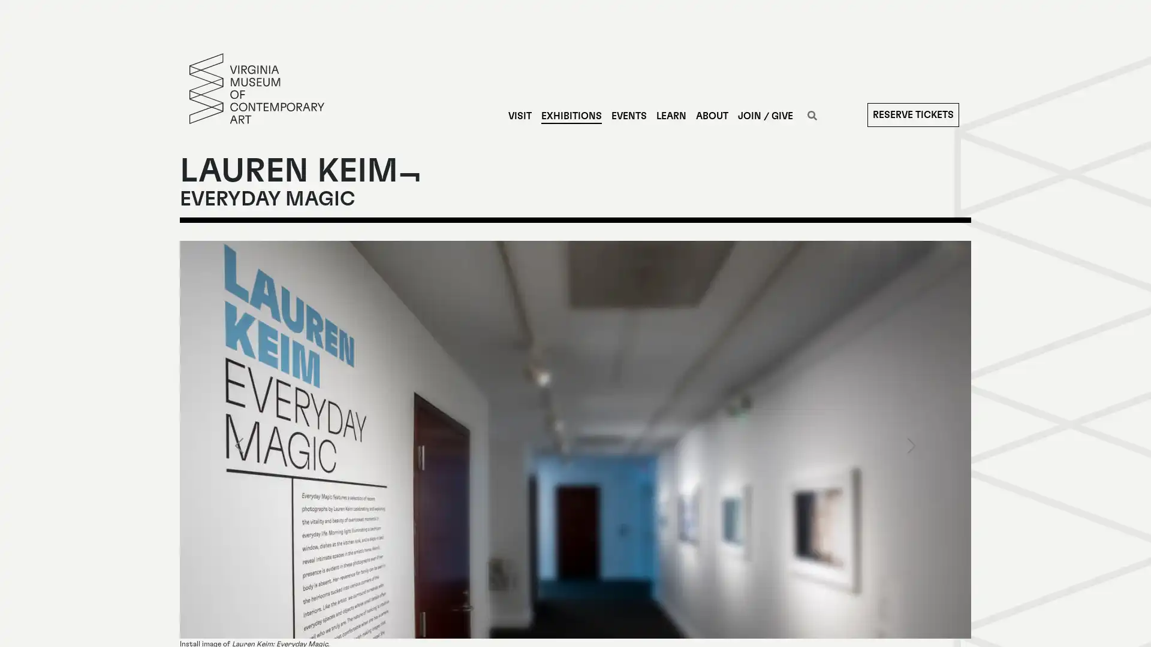 The width and height of the screenshot is (1151, 647). Describe the element at coordinates (670, 116) in the screenshot. I see `LEARN` at that location.